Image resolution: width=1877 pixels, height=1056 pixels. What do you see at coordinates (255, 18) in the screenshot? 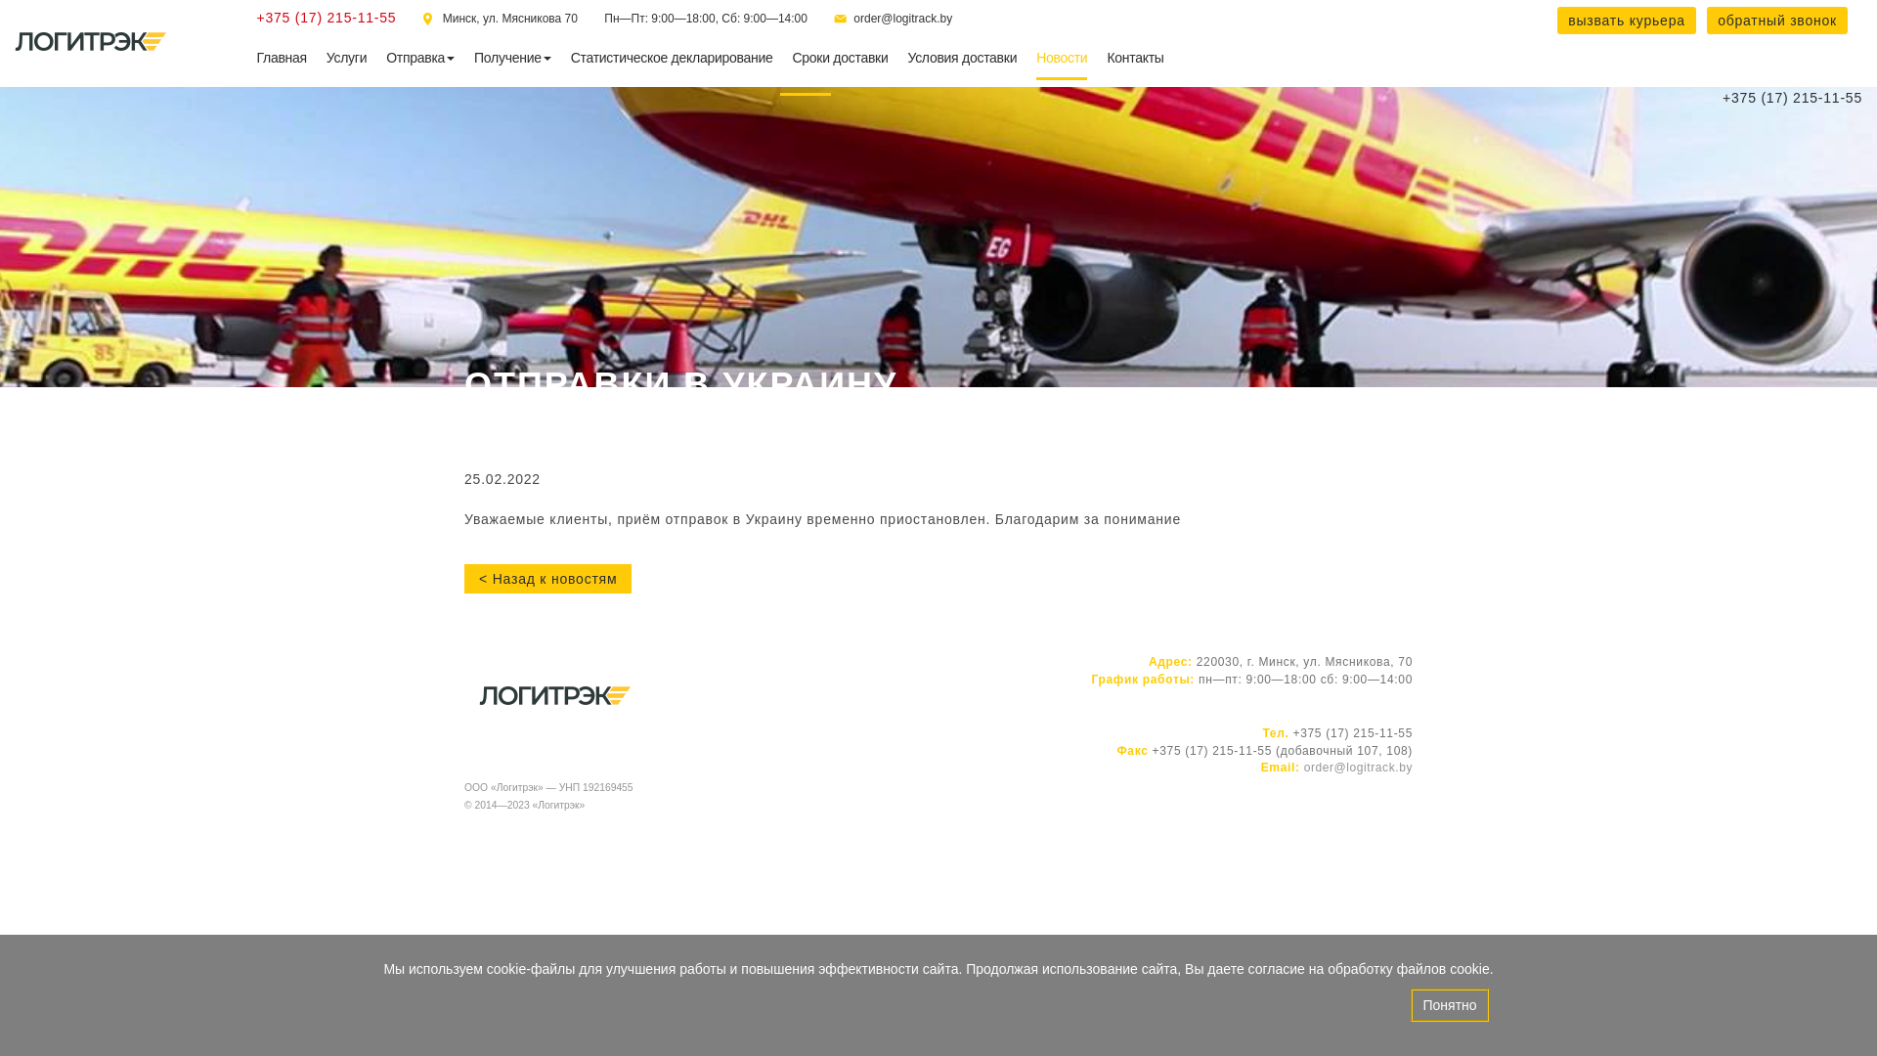
I see `'+375 (17) 215-11-55'` at bounding box center [255, 18].